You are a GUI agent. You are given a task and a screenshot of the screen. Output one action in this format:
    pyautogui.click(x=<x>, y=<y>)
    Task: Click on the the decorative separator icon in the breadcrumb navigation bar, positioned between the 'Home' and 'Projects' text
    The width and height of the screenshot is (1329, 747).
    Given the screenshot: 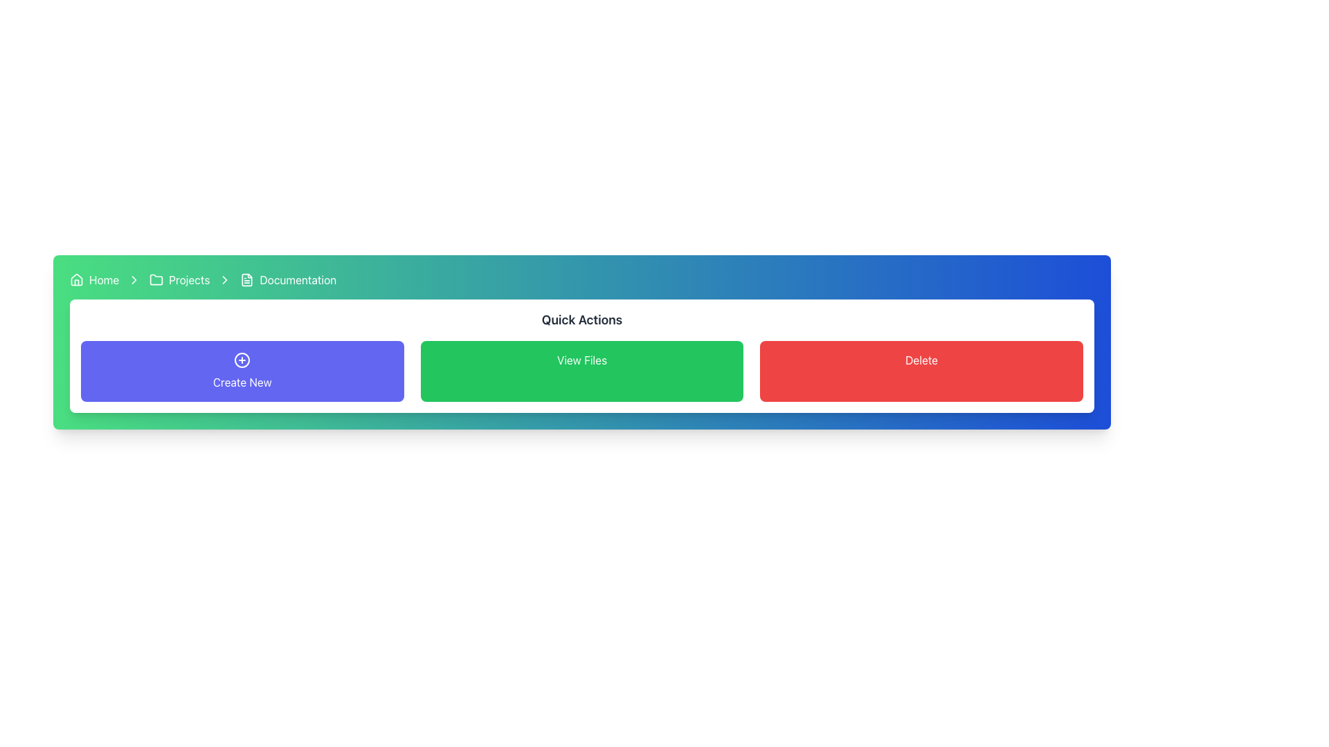 What is the action you would take?
    pyautogui.click(x=134, y=280)
    